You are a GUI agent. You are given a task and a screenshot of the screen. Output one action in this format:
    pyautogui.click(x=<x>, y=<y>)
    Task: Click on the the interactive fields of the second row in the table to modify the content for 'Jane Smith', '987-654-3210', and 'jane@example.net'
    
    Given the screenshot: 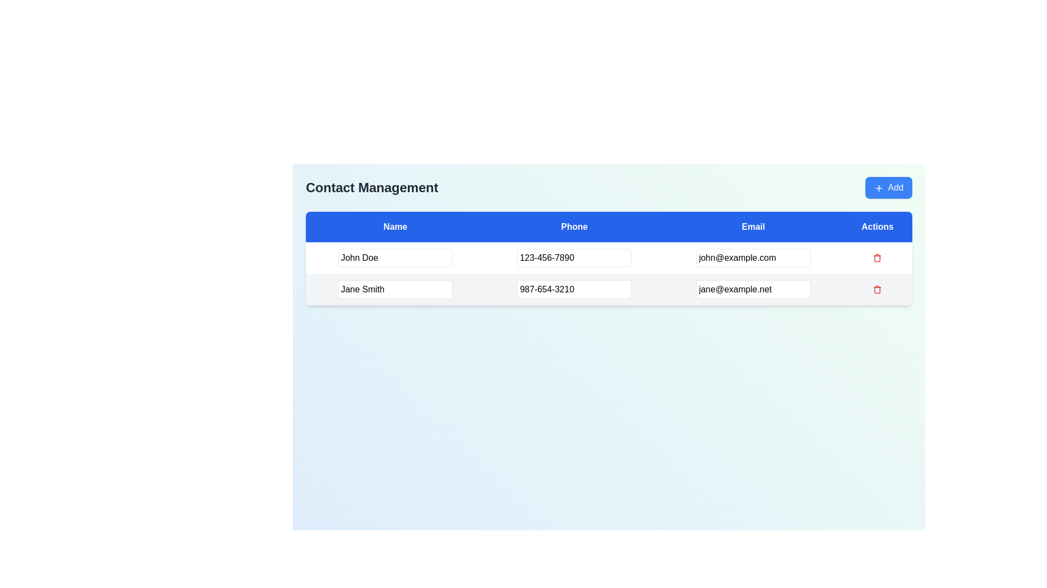 What is the action you would take?
    pyautogui.click(x=609, y=289)
    